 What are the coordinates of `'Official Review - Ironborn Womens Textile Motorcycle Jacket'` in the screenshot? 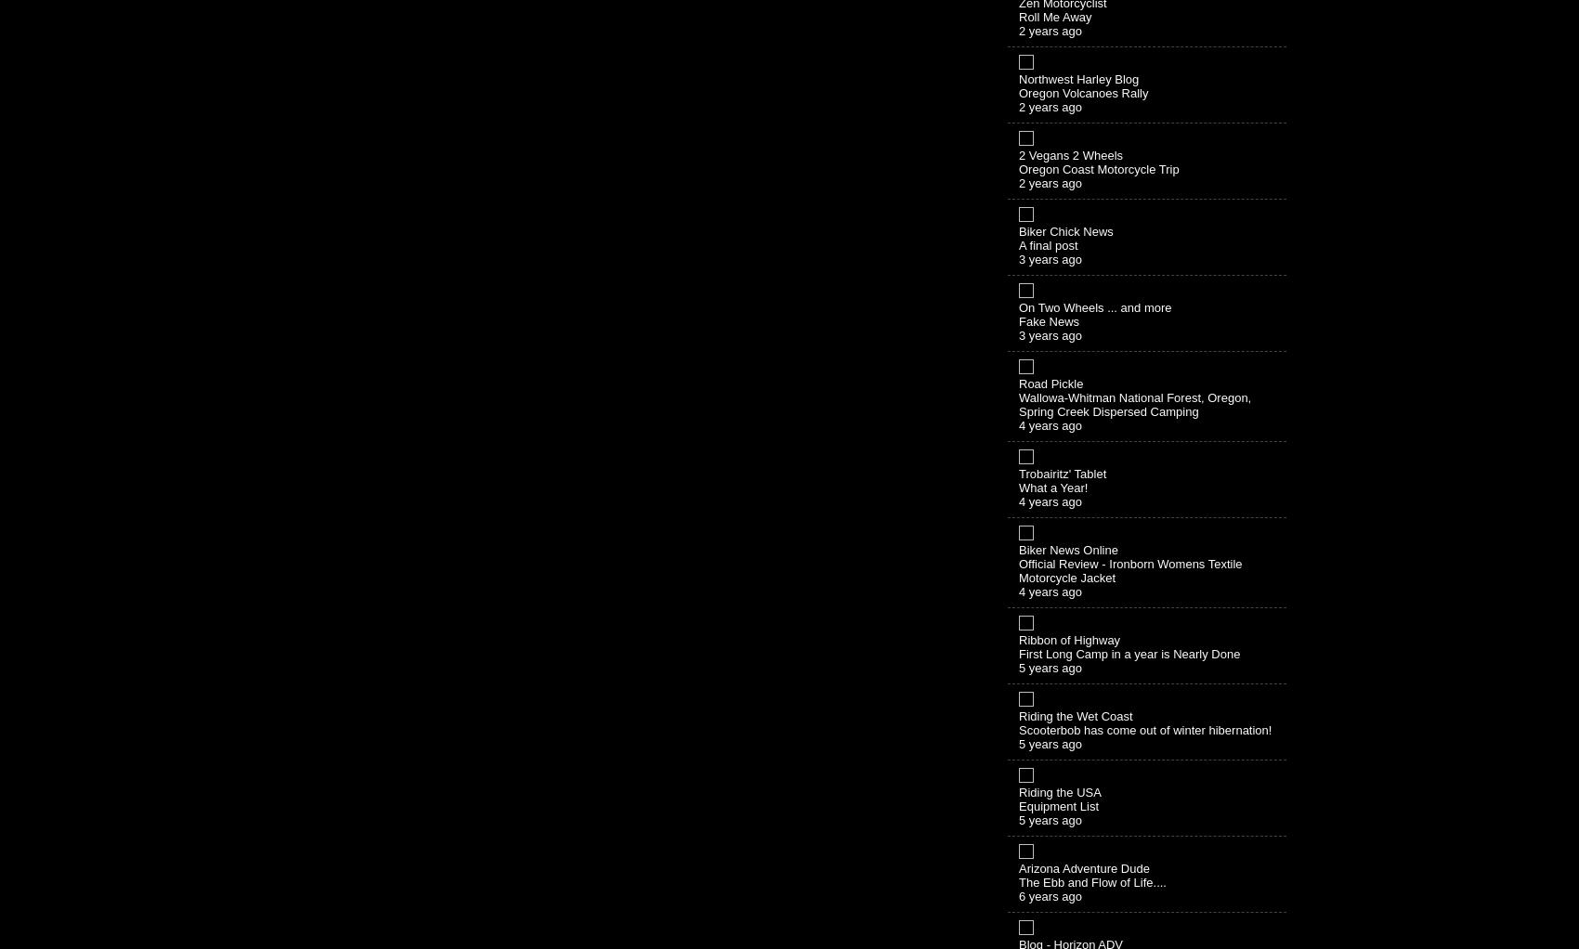 It's located at (1129, 569).